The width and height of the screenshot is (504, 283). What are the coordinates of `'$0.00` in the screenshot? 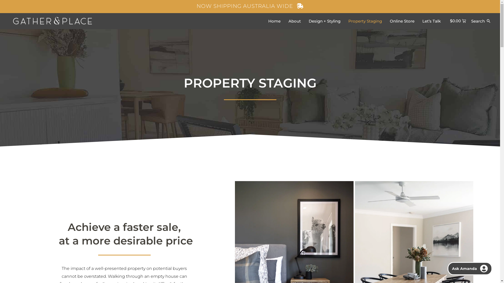 It's located at (458, 20).